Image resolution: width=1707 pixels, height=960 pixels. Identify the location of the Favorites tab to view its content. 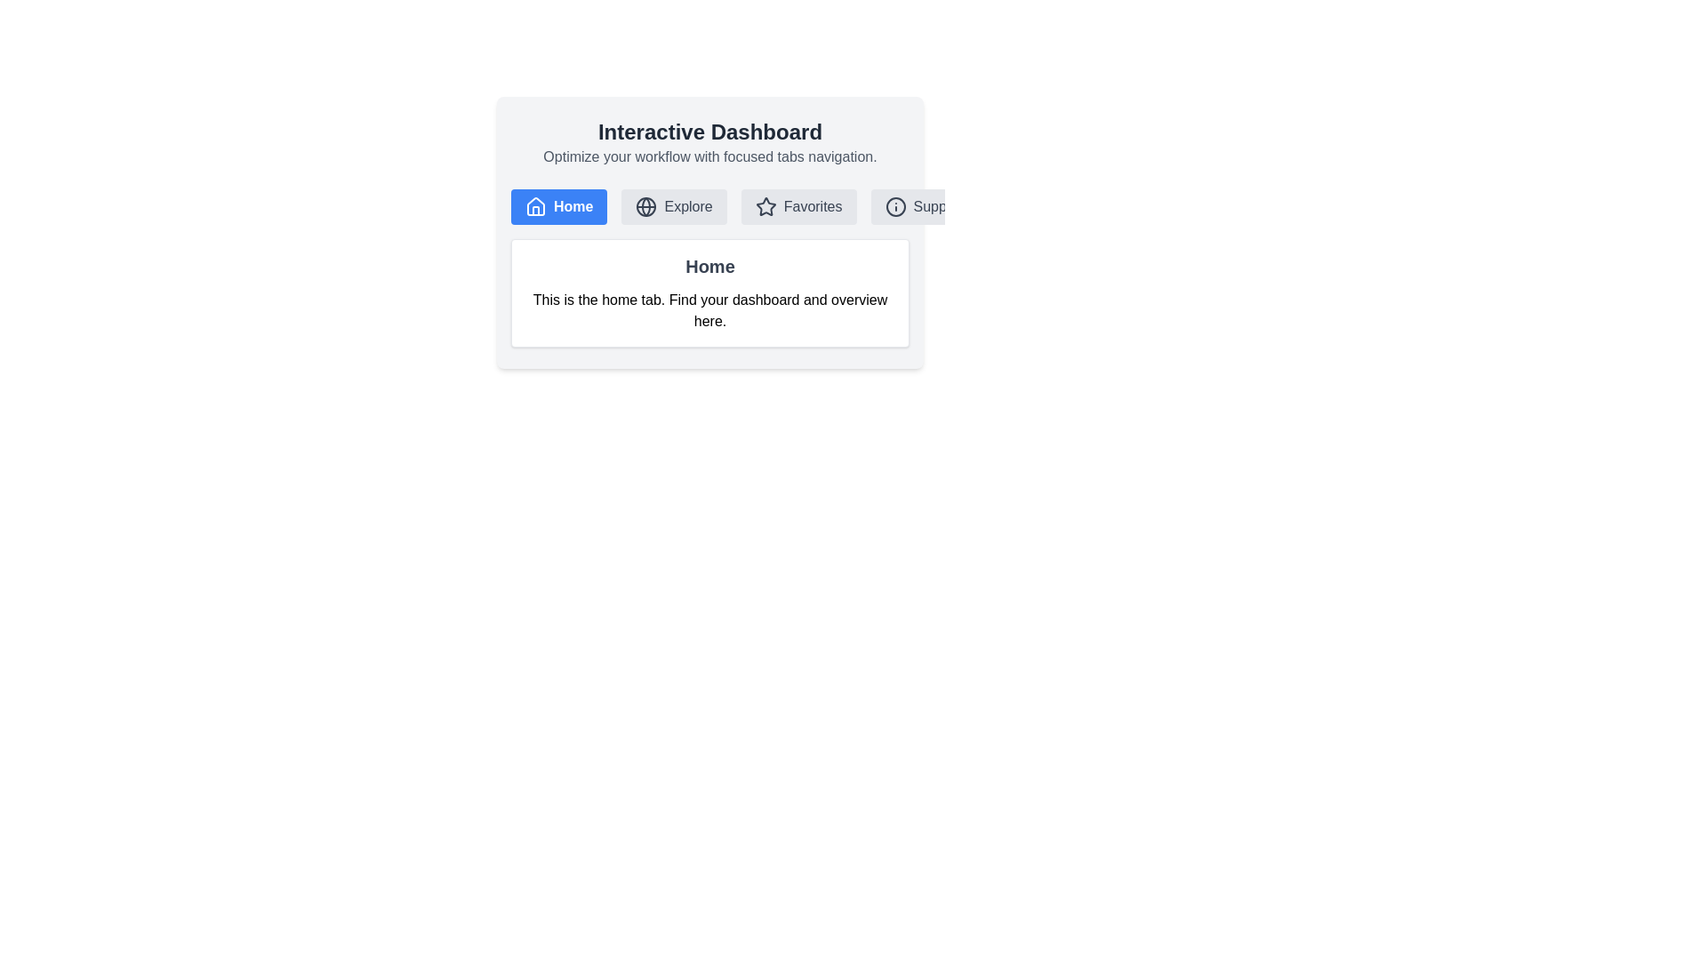
(797, 205).